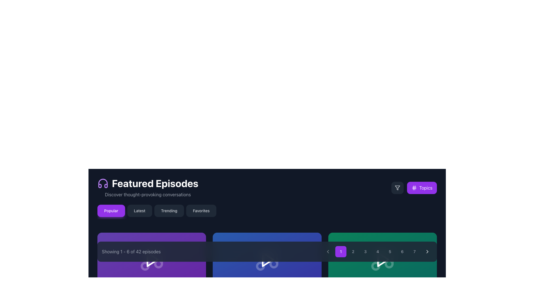 The image size is (536, 302). What do you see at coordinates (328, 251) in the screenshot?
I see `the 'go to the previous page' button located at the far left of the pagination controls` at bounding box center [328, 251].